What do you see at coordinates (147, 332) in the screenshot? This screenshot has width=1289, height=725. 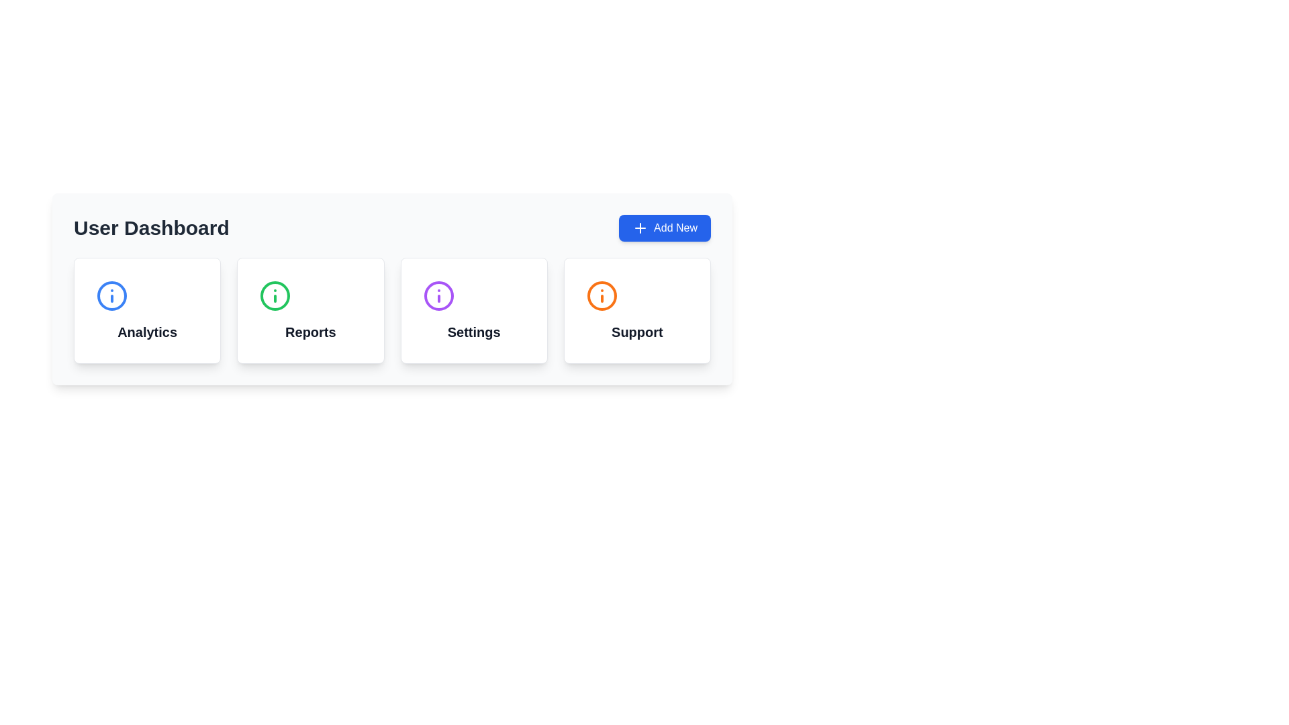 I see `the 'Analytics' text label in the first card of the 'User Dashboard' section` at bounding box center [147, 332].